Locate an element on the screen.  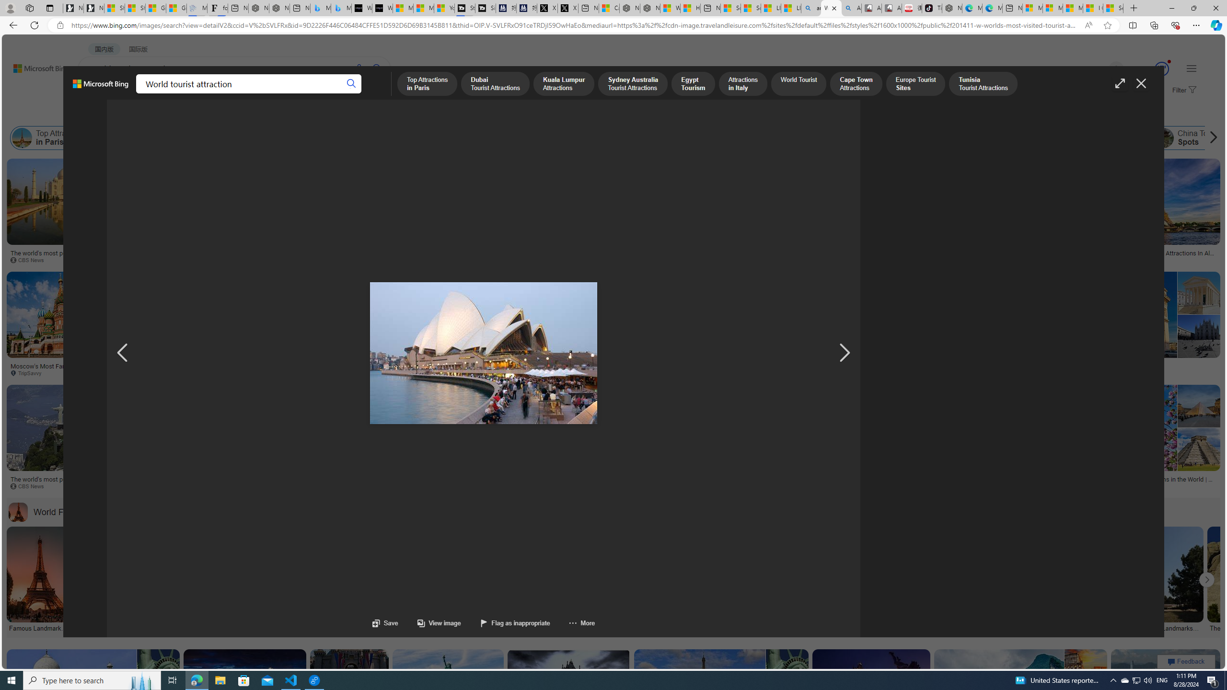
'Class: b_pri_nav_svg' is located at coordinates (162, 94).